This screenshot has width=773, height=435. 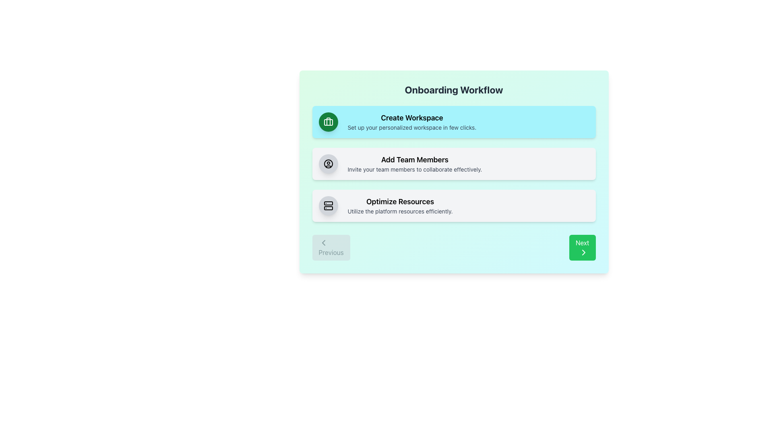 I want to click on text 'Set up your personalized workspace in few clicks.' which is styled with a small, gray font and located below the 'Create Workspace' text in the light blue card-like section of the 'Onboarding Workflow' interface, so click(x=412, y=127).